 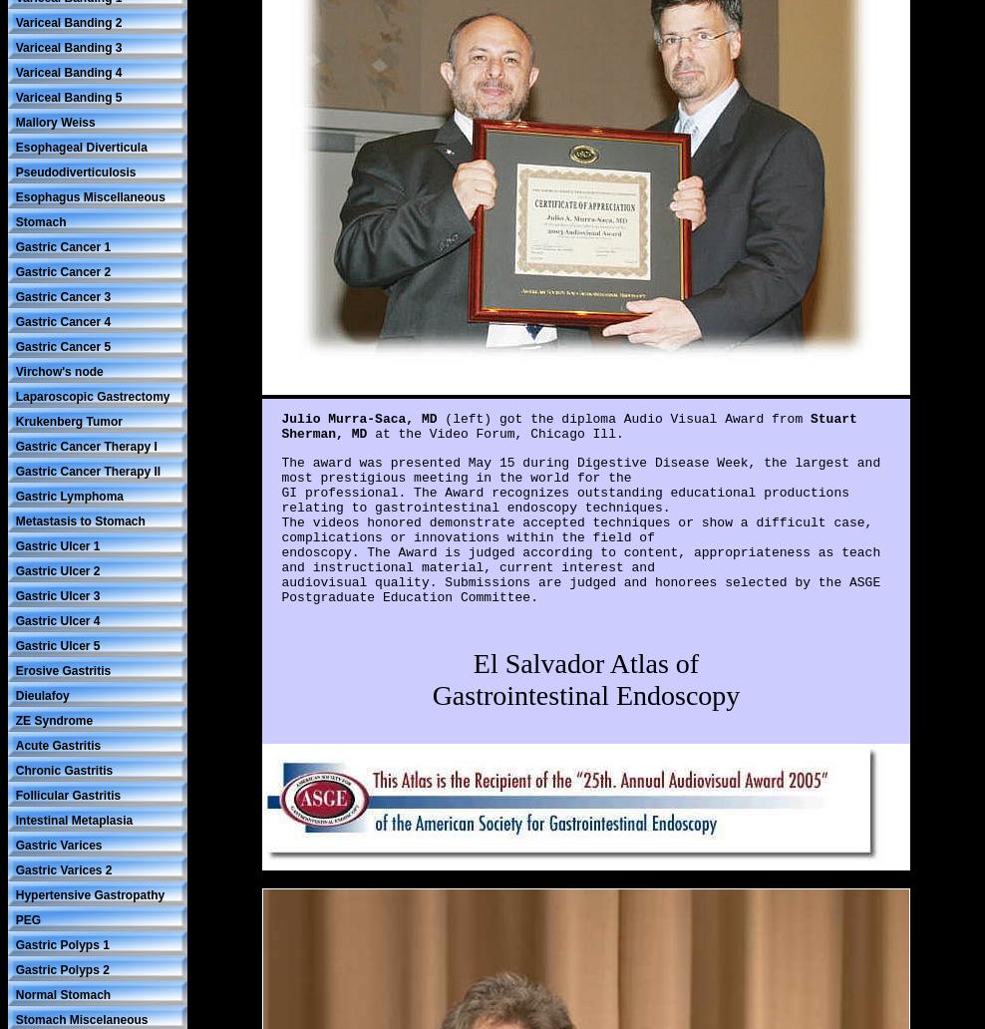 What do you see at coordinates (81, 1017) in the screenshot?
I see `'Stomach Miscelaneous'` at bounding box center [81, 1017].